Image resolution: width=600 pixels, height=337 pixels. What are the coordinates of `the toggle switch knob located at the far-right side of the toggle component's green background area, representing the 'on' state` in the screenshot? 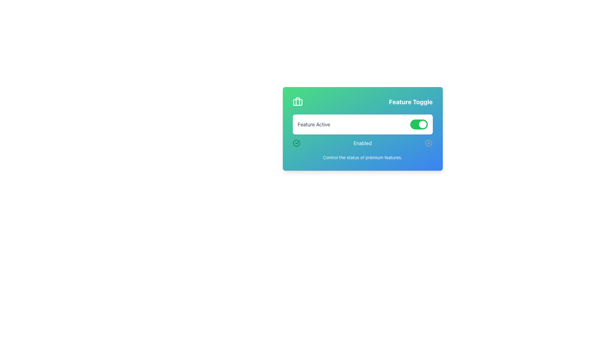 It's located at (422, 124).